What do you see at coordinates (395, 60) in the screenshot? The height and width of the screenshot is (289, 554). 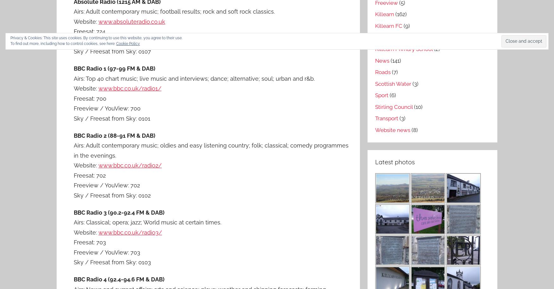 I see `'(141)'` at bounding box center [395, 60].